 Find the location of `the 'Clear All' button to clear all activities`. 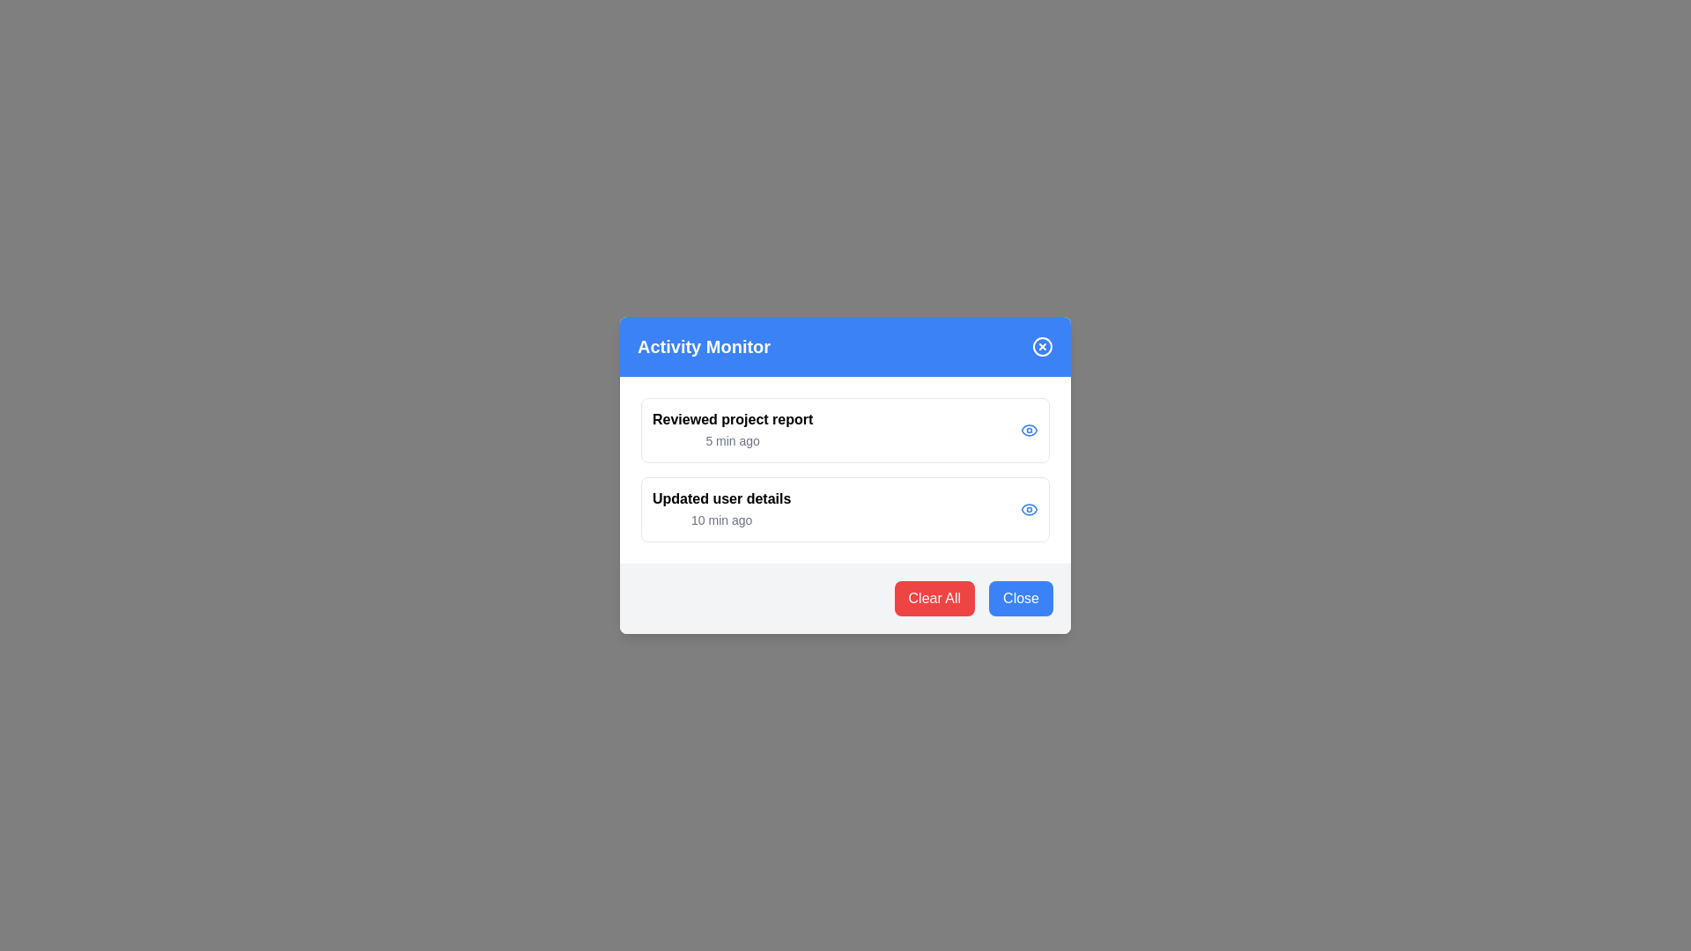

the 'Clear All' button to clear all activities is located at coordinates (933, 597).